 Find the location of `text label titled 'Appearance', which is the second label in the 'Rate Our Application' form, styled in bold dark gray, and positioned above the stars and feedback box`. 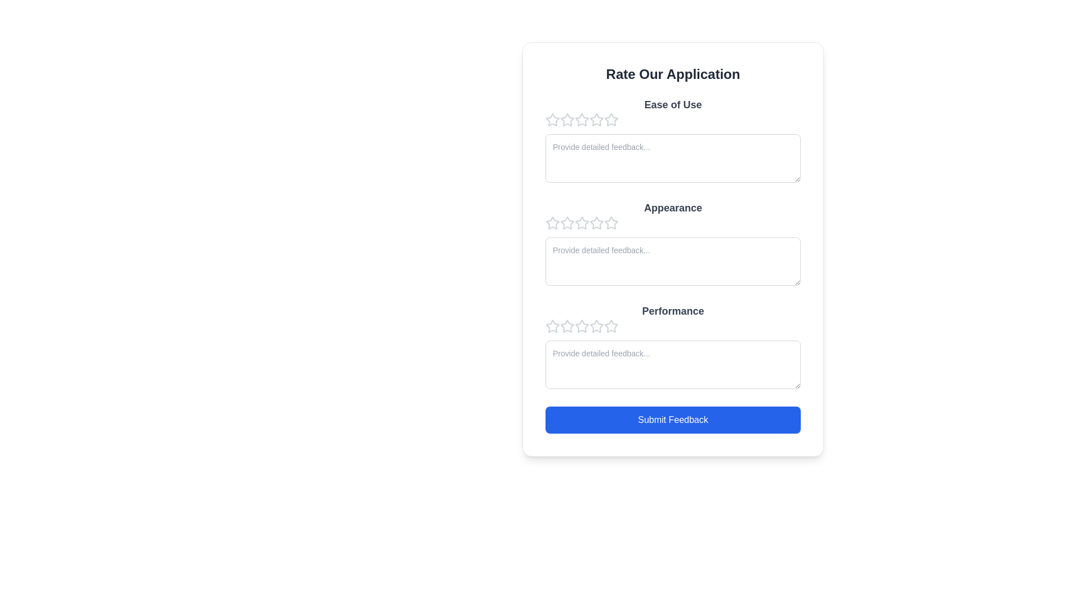

text label titled 'Appearance', which is the second label in the 'Rate Our Application' form, styled in bold dark gray, and positioned above the stars and feedback box is located at coordinates (673, 208).